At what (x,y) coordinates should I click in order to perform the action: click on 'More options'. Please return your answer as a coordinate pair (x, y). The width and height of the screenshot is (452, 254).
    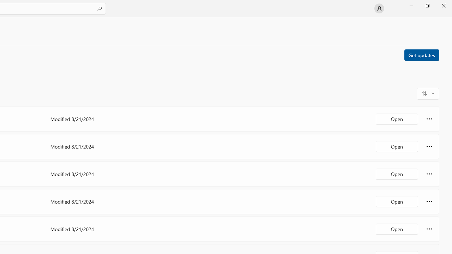
    Looking at the image, I should click on (429, 229).